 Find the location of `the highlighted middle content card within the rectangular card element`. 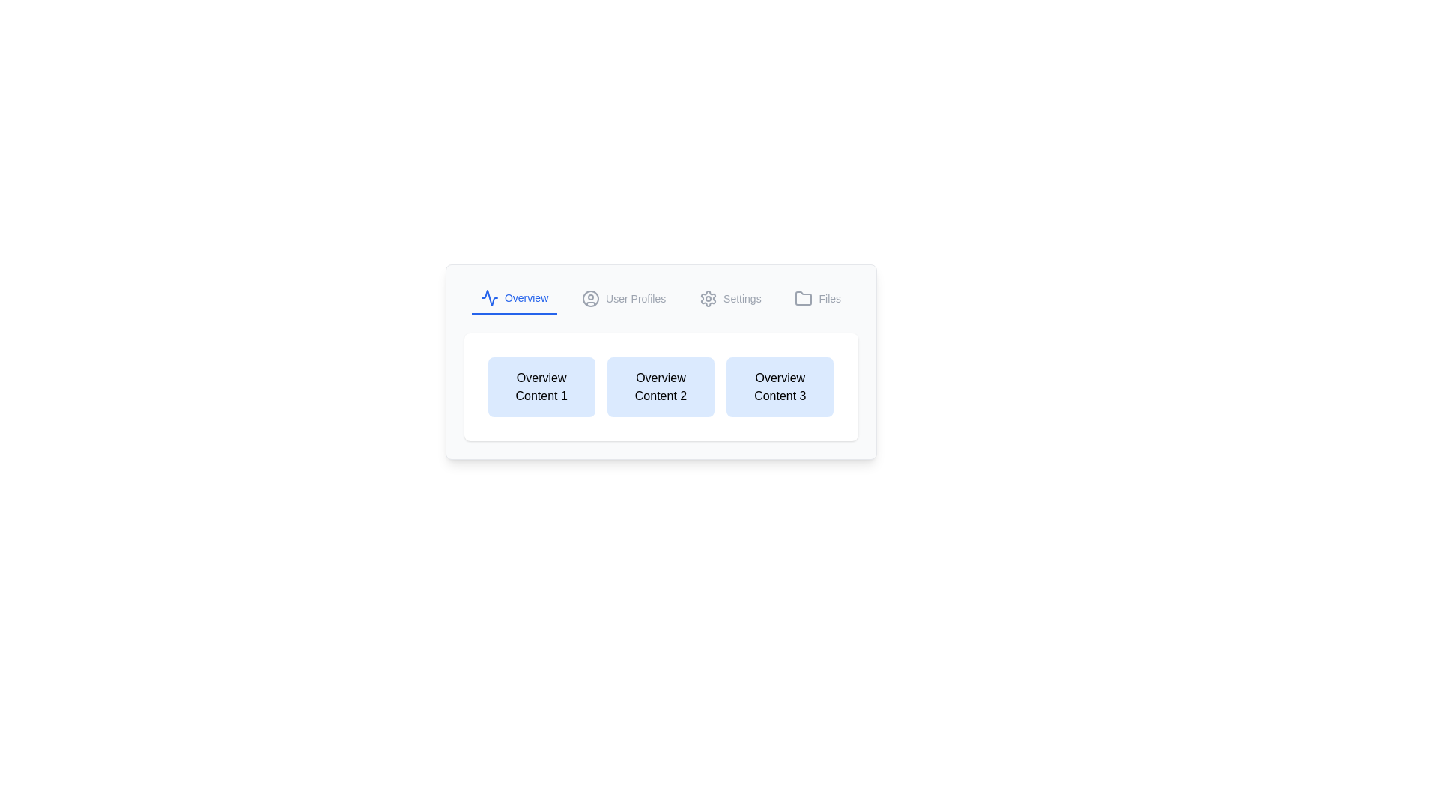

the highlighted middle content card within the rectangular card element is located at coordinates (660, 362).